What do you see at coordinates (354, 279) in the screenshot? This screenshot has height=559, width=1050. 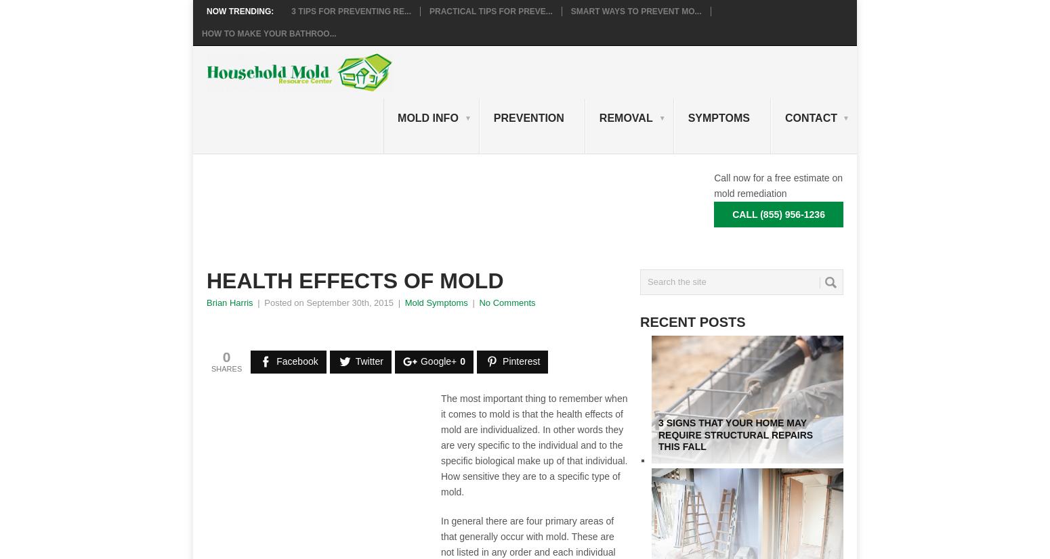 I see `'Health Effects Of Mold'` at bounding box center [354, 279].